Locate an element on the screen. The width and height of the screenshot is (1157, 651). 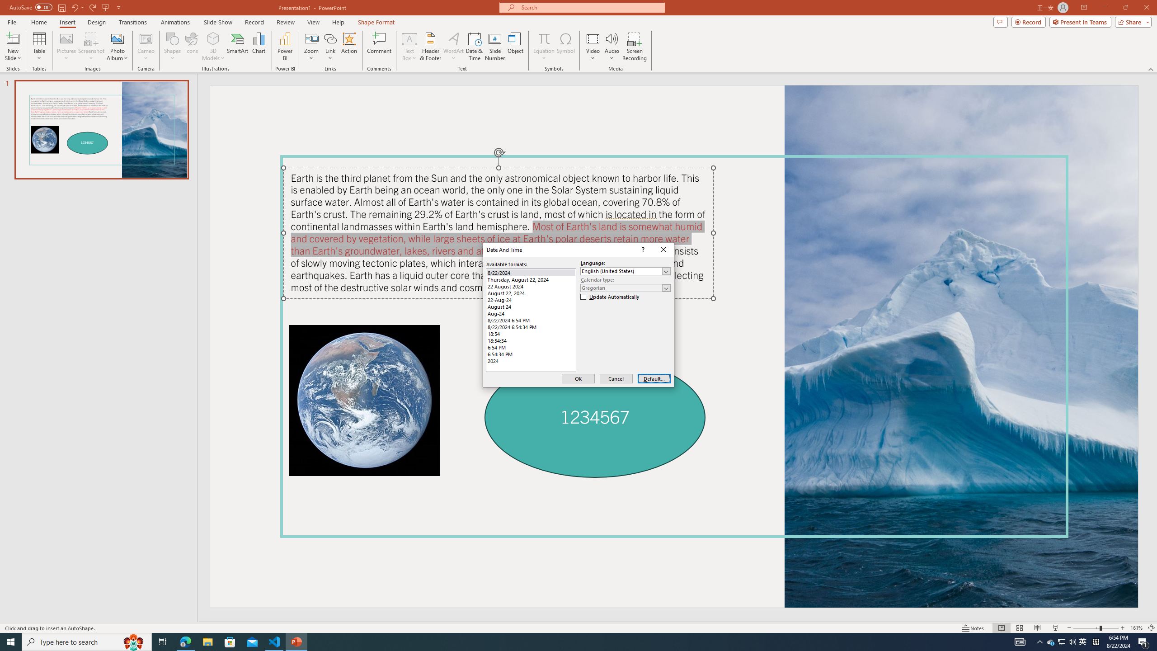
'8/22/2024 6:54:34 PM' is located at coordinates (531, 327).